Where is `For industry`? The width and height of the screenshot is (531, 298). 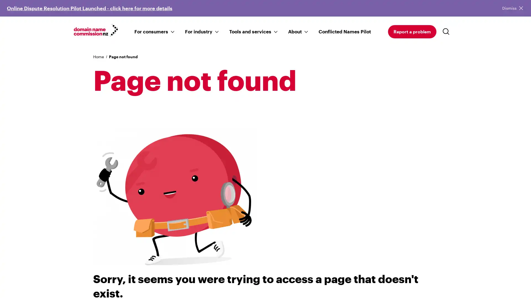 For industry is located at coordinates (198, 31).